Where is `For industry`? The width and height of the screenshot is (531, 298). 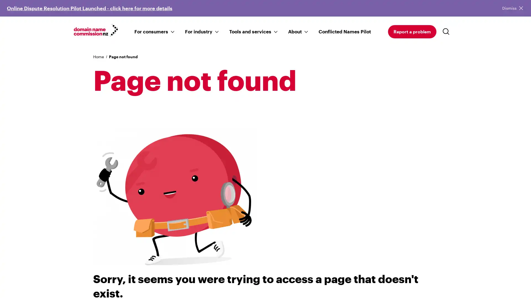 For industry is located at coordinates (198, 31).